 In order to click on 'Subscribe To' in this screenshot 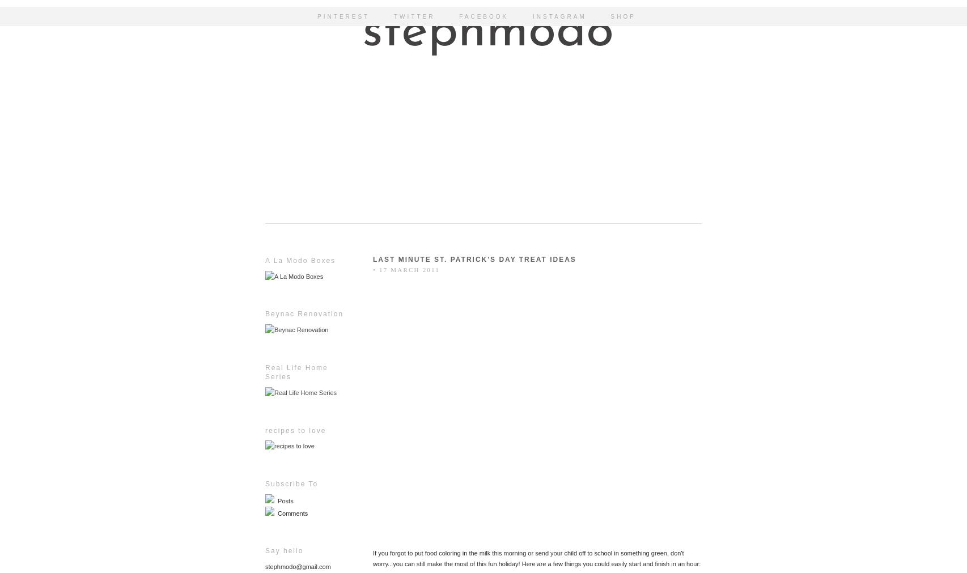, I will do `click(291, 483)`.